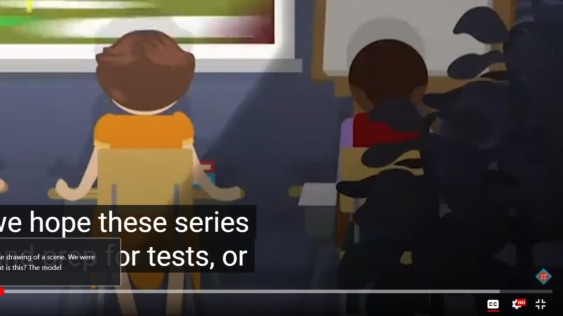  What do you see at coordinates (493, 304) in the screenshot?
I see `'Subtitles/closed captions unavailable'` at bounding box center [493, 304].